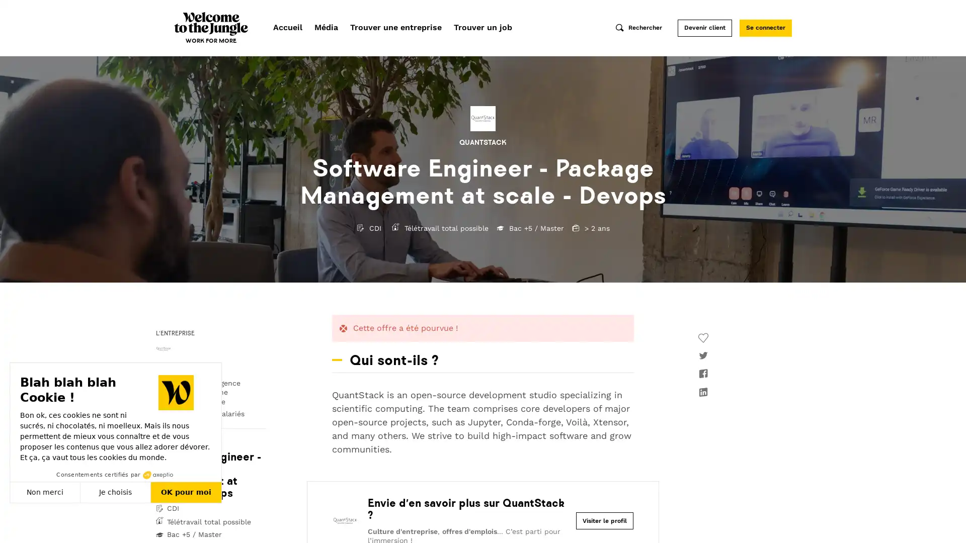 The image size is (966, 543). Describe the element at coordinates (702, 356) in the screenshot. I see `twitter` at that location.